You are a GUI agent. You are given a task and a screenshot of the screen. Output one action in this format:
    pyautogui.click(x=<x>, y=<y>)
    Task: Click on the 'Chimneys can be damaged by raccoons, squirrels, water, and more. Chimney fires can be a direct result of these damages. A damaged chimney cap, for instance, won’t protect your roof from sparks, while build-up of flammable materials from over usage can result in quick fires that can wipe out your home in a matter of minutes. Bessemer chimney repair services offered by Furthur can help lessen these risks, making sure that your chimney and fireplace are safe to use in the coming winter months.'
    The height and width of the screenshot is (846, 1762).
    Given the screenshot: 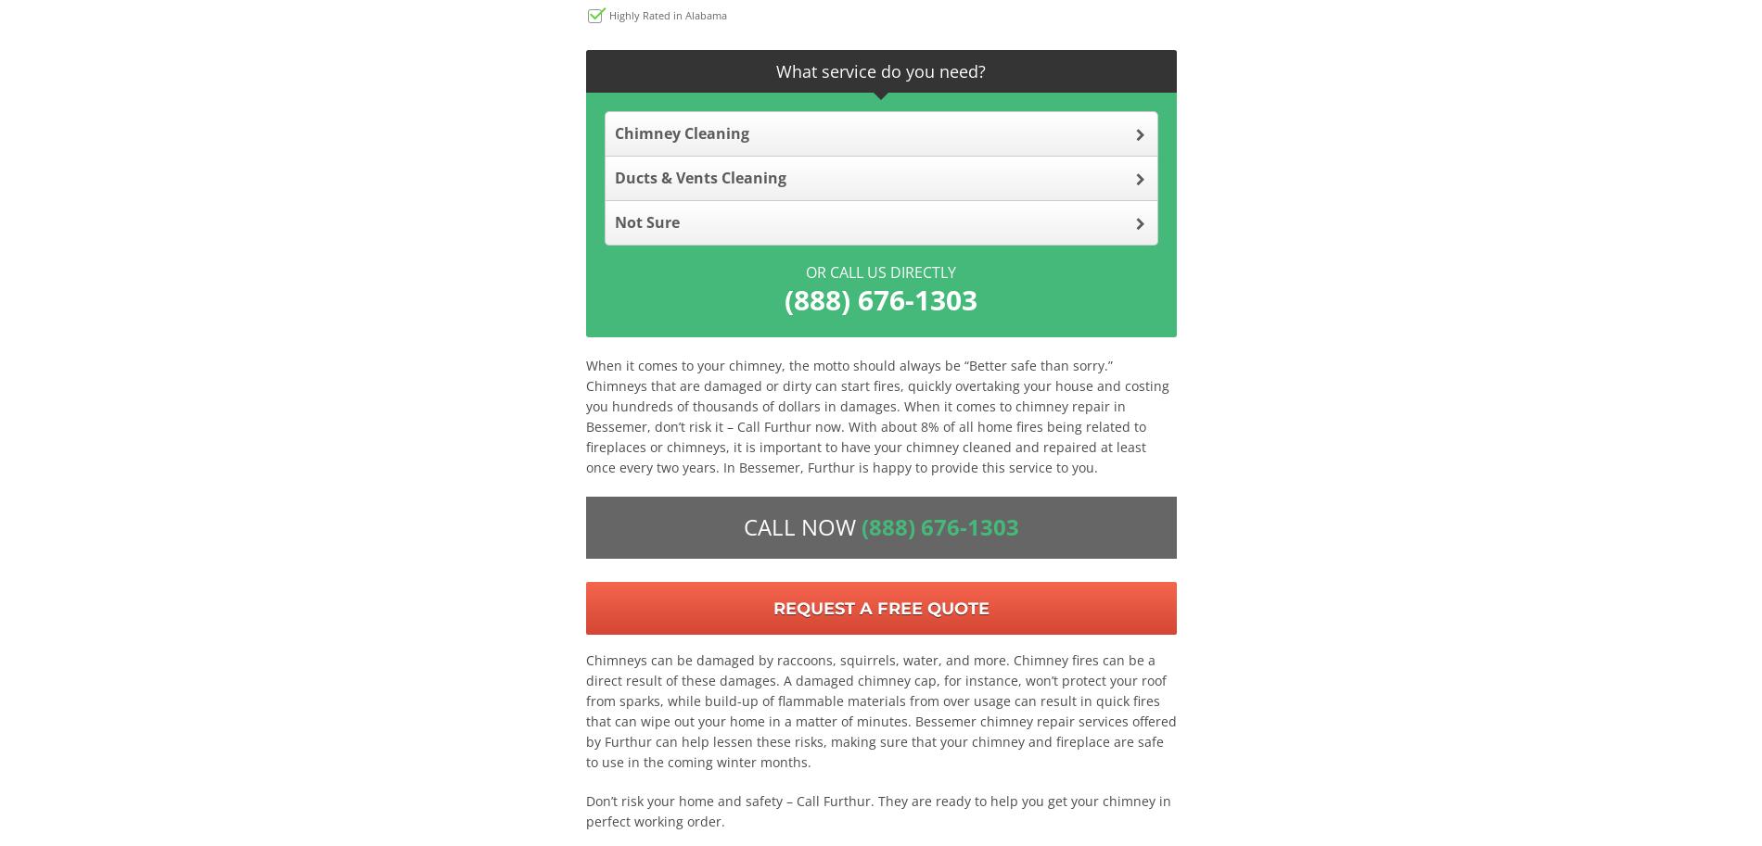 What is the action you would take?
    pyautogui.click(x=879, y=710)
    